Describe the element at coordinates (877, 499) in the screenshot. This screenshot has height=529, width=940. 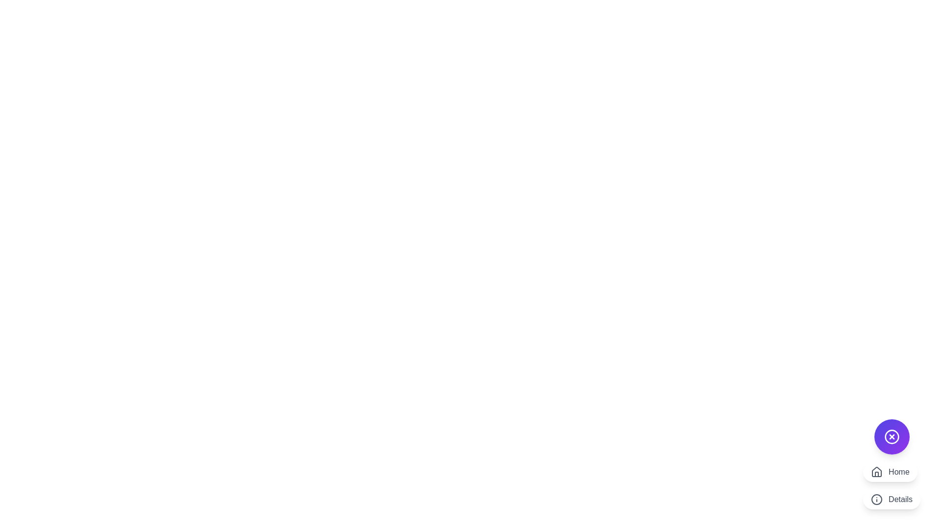
I see `the SVG circle graphic located near the bottom-right corner of the interface, adjacent to the 'Home' and 'Details' icons` at that location.